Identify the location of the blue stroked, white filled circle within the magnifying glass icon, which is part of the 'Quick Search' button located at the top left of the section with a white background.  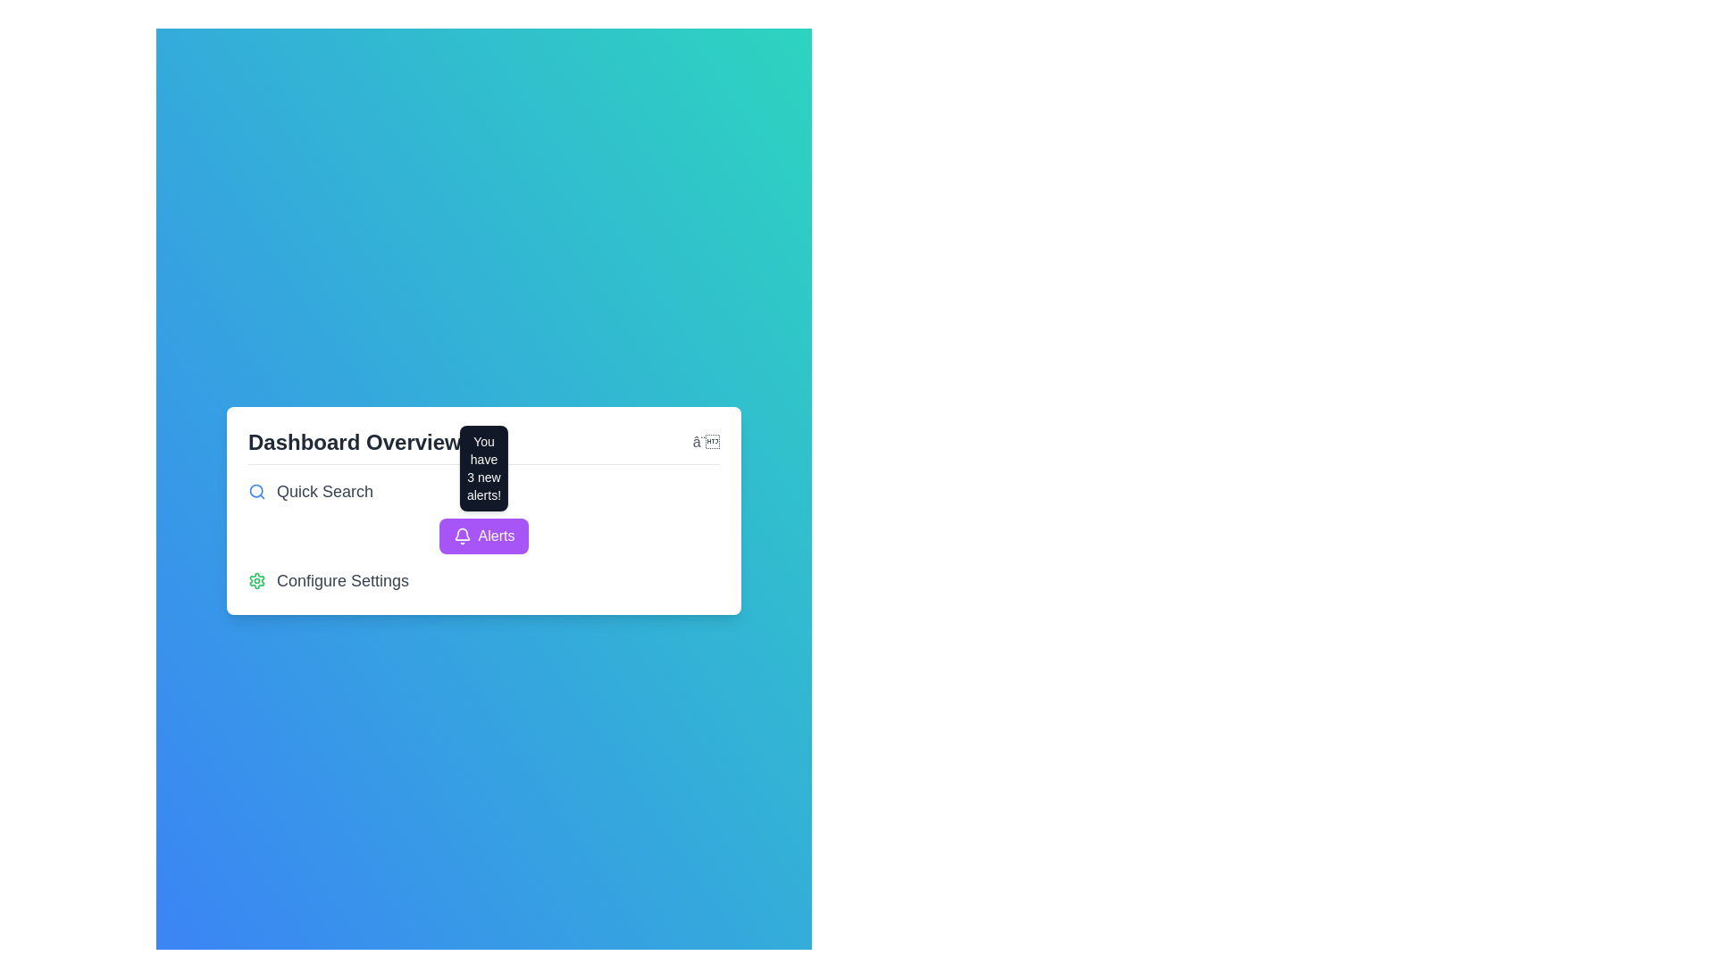
(255, 490).